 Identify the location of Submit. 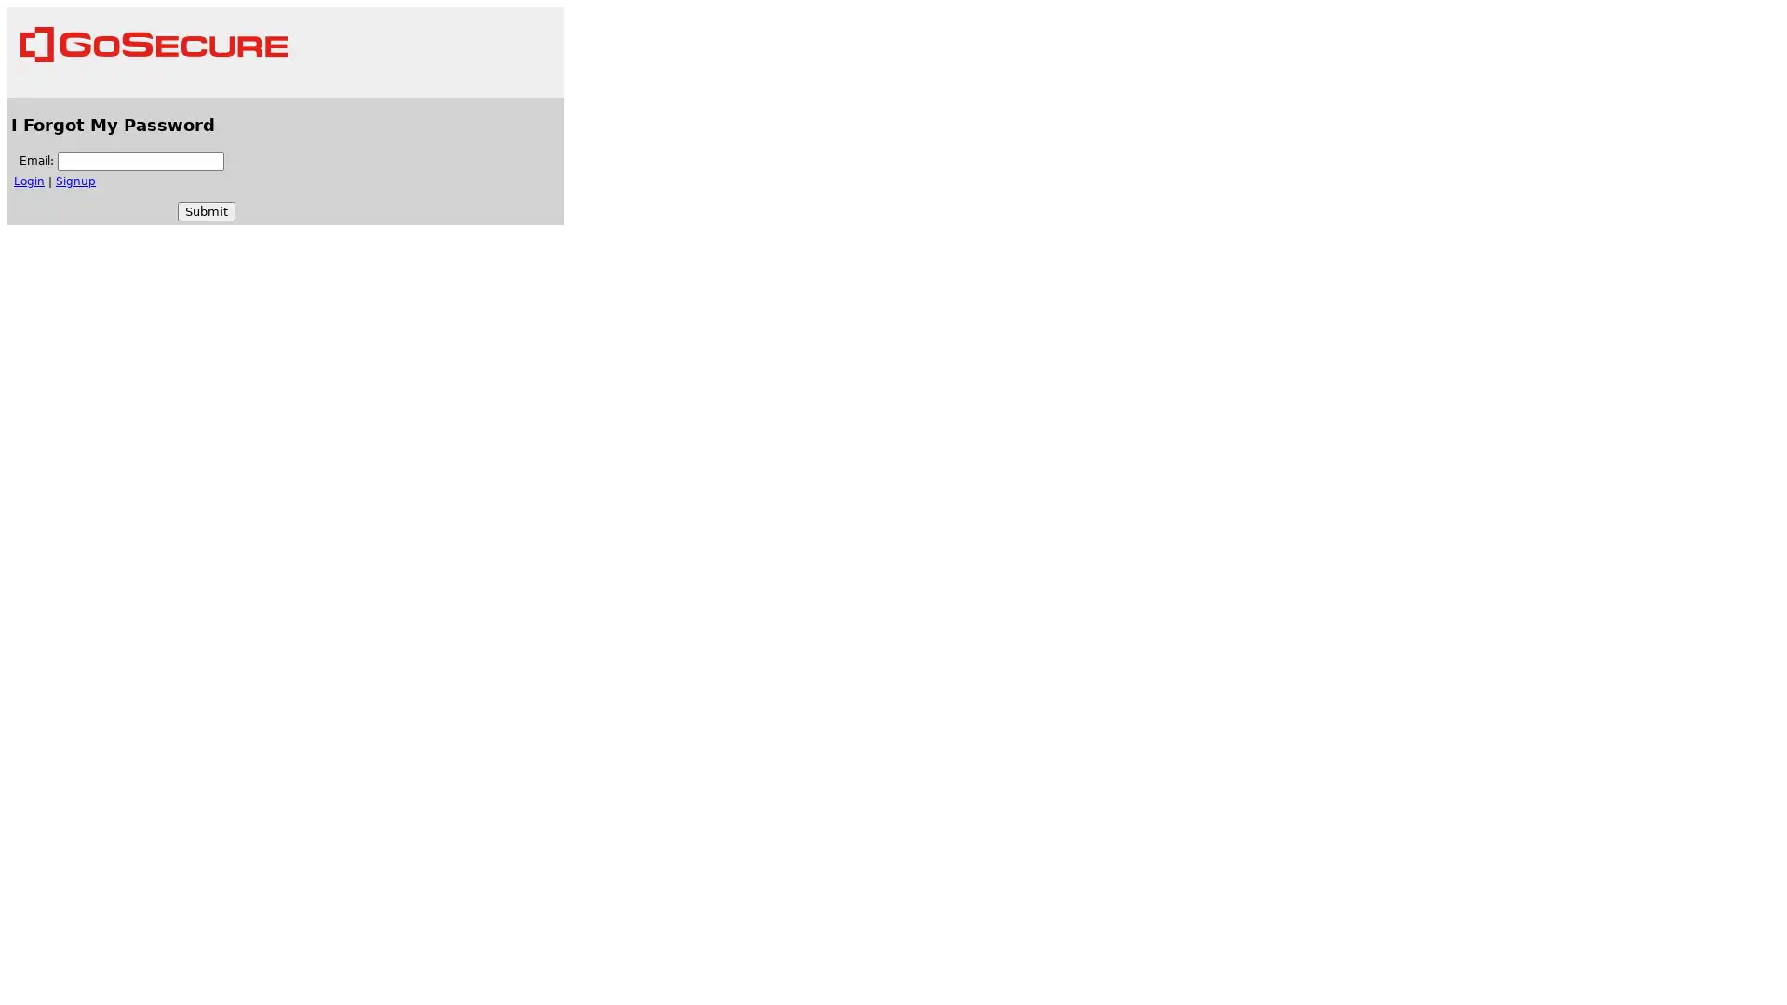
(206, 210).